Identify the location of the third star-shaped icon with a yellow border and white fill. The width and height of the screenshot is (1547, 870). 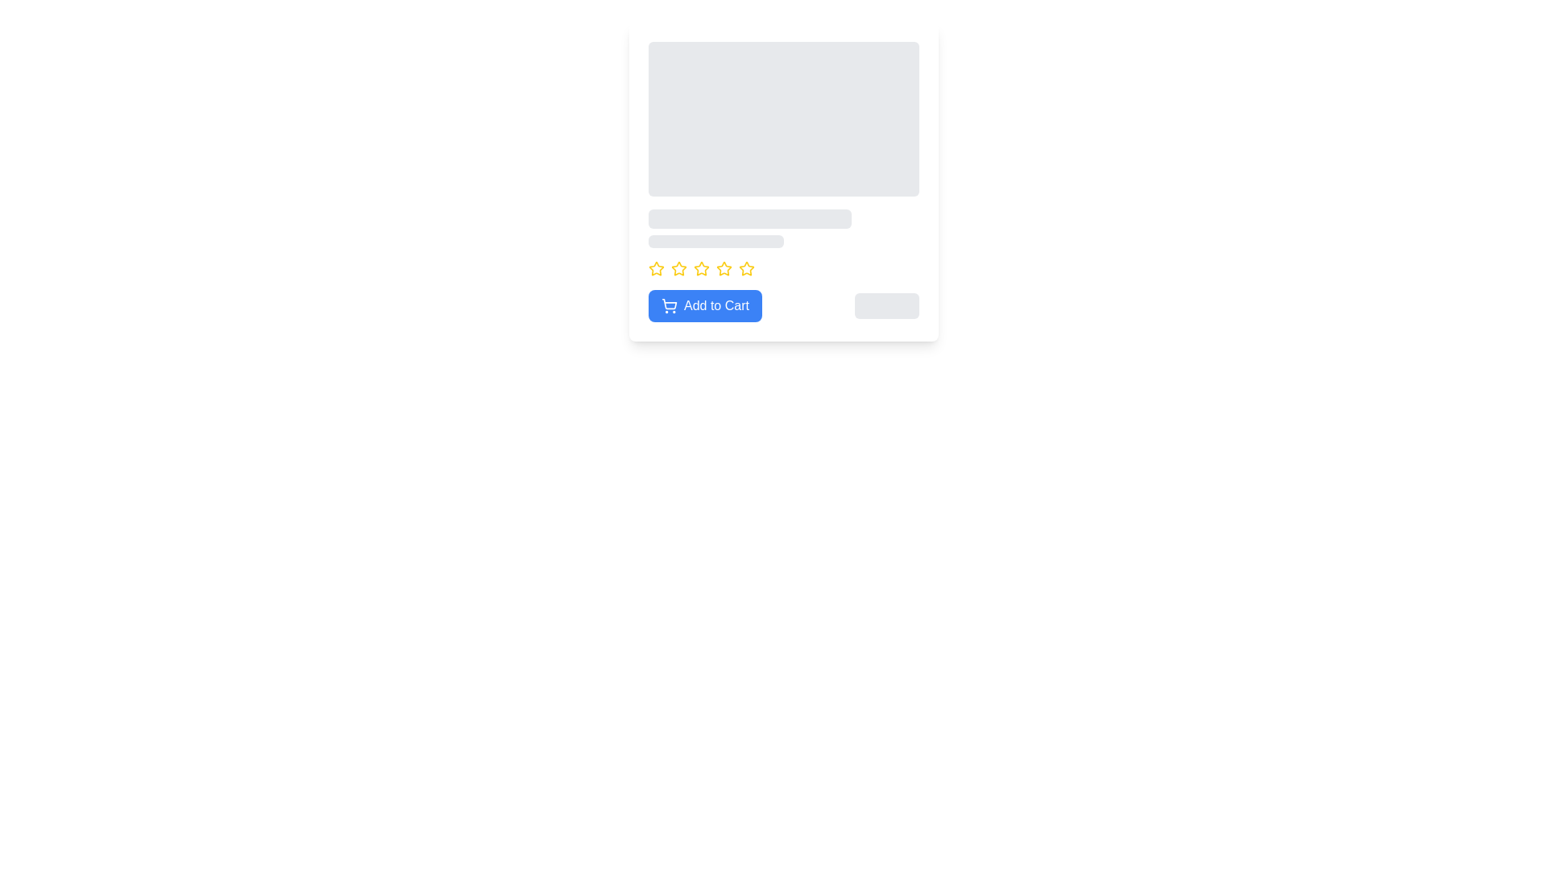
(701, 267).